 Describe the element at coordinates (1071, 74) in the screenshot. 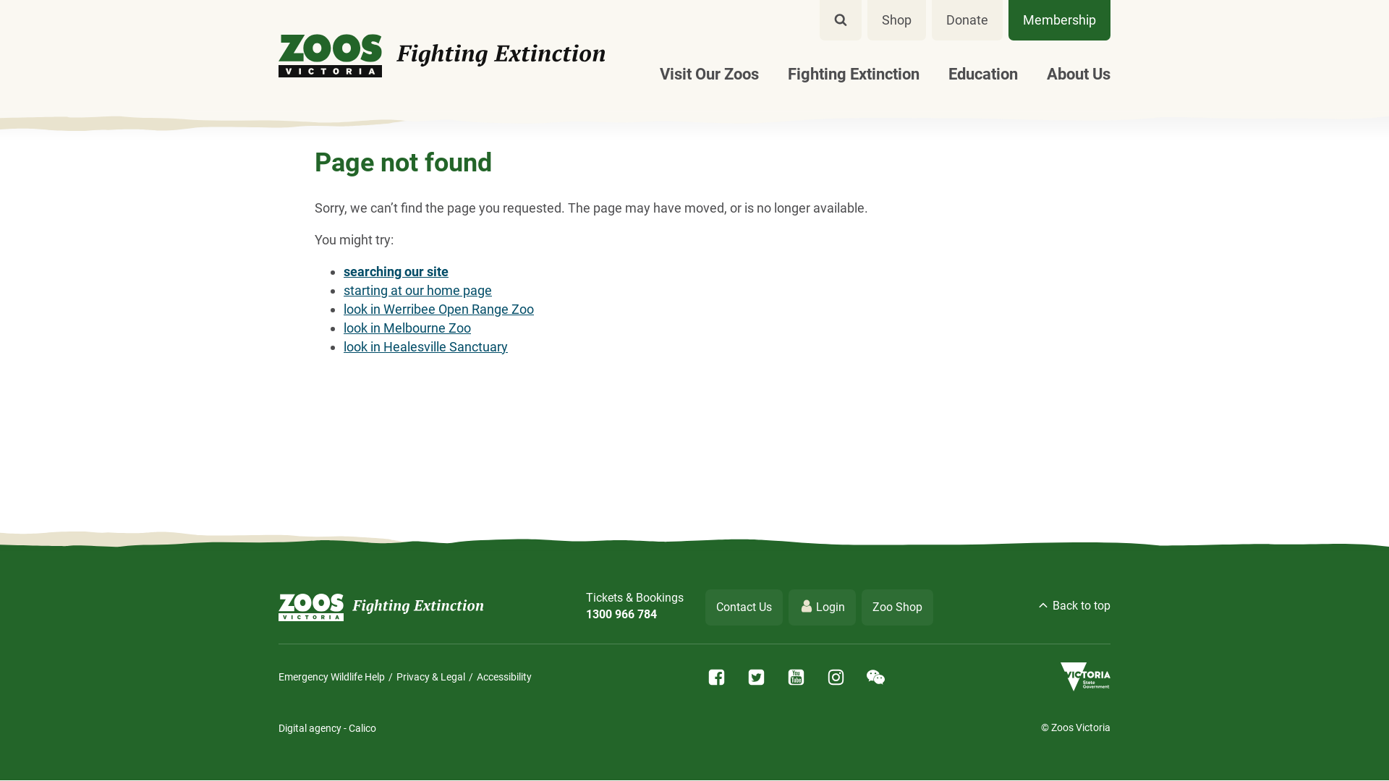

I see `'About Us'` at that location.